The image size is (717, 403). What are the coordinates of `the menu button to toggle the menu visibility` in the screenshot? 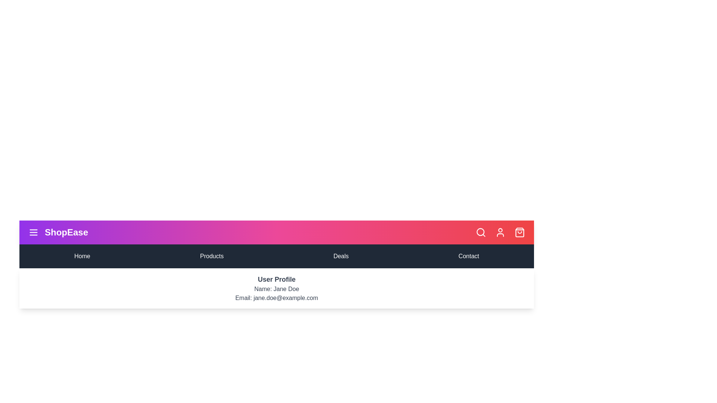 It's located at (33, 232).